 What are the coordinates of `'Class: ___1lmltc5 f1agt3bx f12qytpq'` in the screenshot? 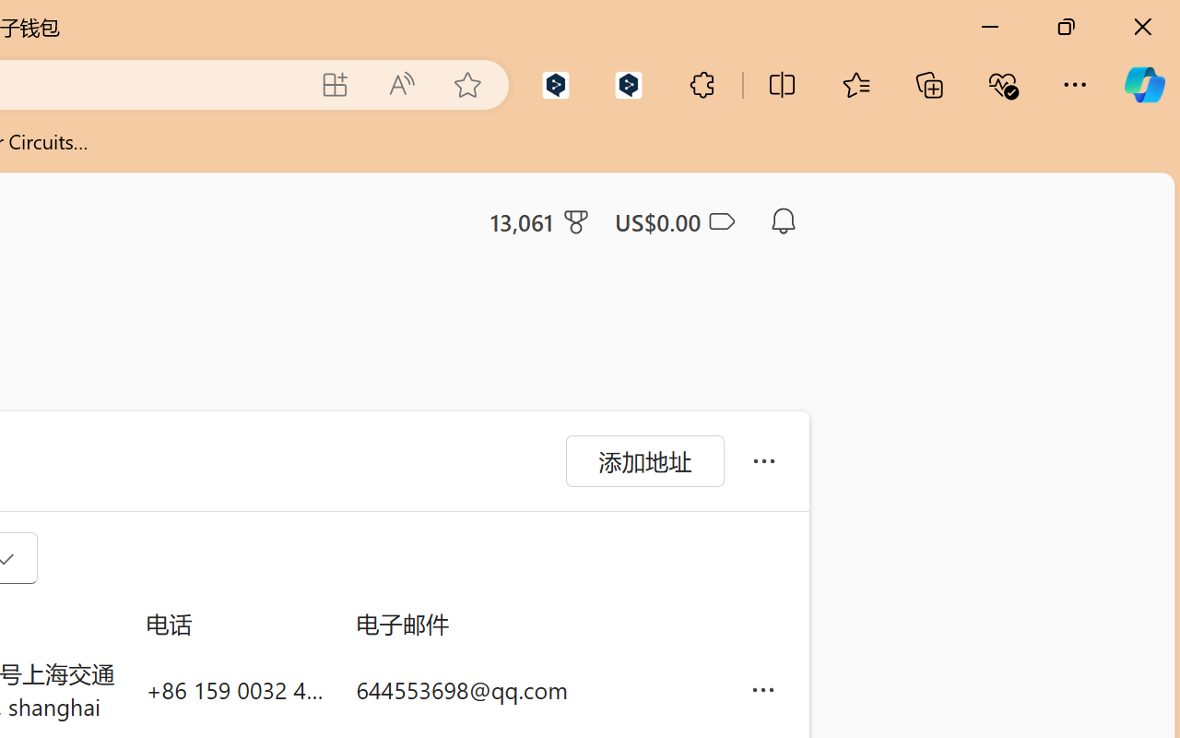 It's located at (719, 221).